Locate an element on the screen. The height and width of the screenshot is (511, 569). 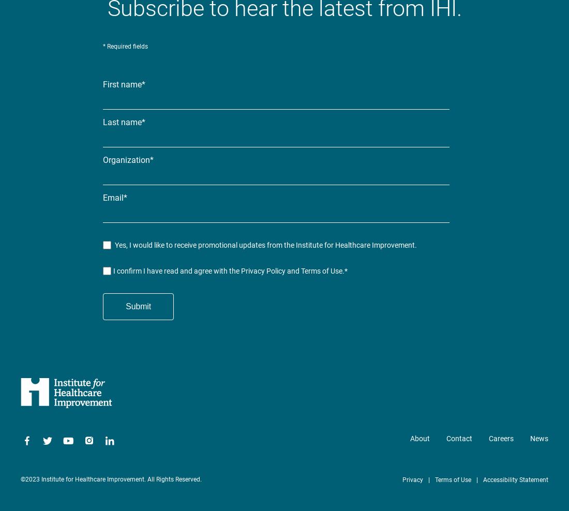
'and' is located at coordinates (293, 270).